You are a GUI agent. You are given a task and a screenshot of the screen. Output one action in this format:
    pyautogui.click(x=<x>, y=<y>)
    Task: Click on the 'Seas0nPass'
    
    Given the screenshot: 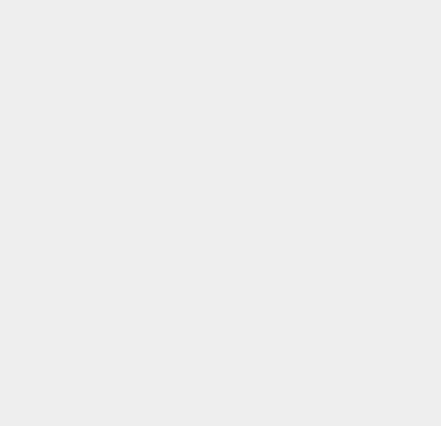 What is the action you would take?
    pyautogui.click(x=327, y=200)
    